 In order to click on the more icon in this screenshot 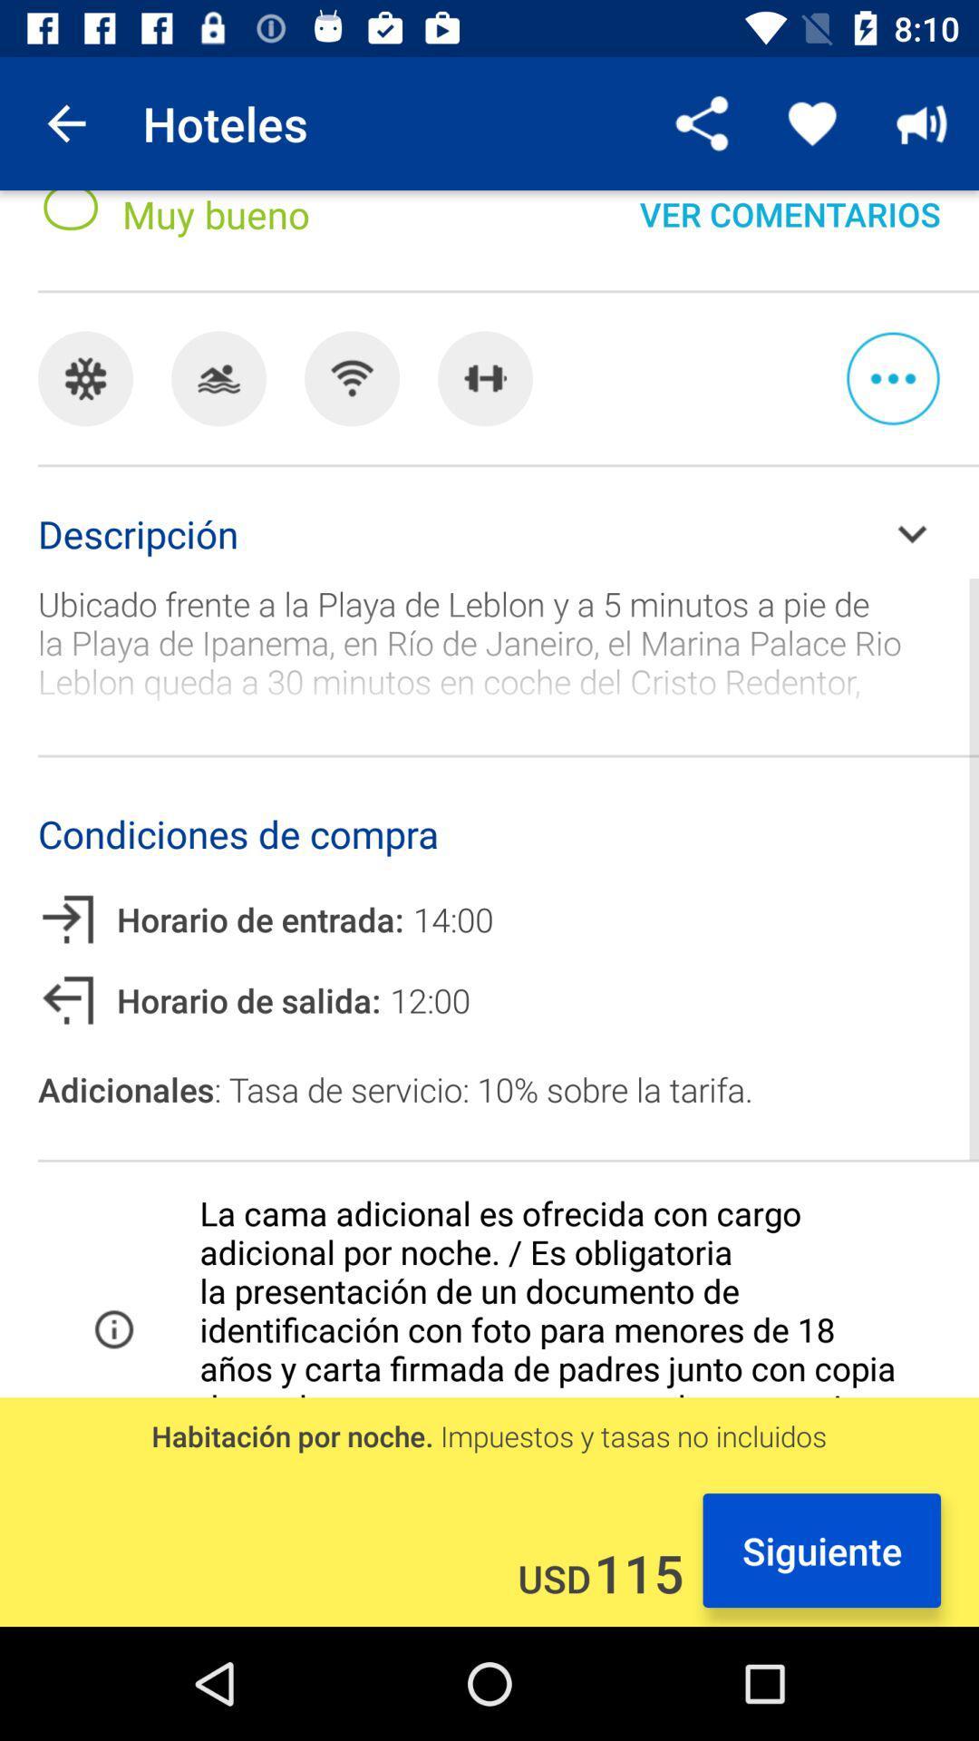, I will do `click(892, 377)`.